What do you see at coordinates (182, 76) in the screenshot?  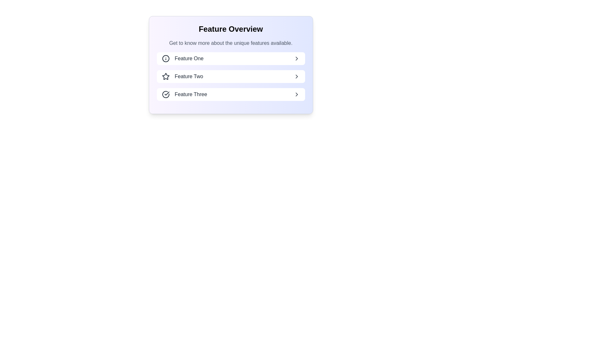 I see `the selectable list item labeled 'Feature Two', which is positioned between 'Feature One' and 'Feature Three' in the vertical list` at bounding box center [182, 76].